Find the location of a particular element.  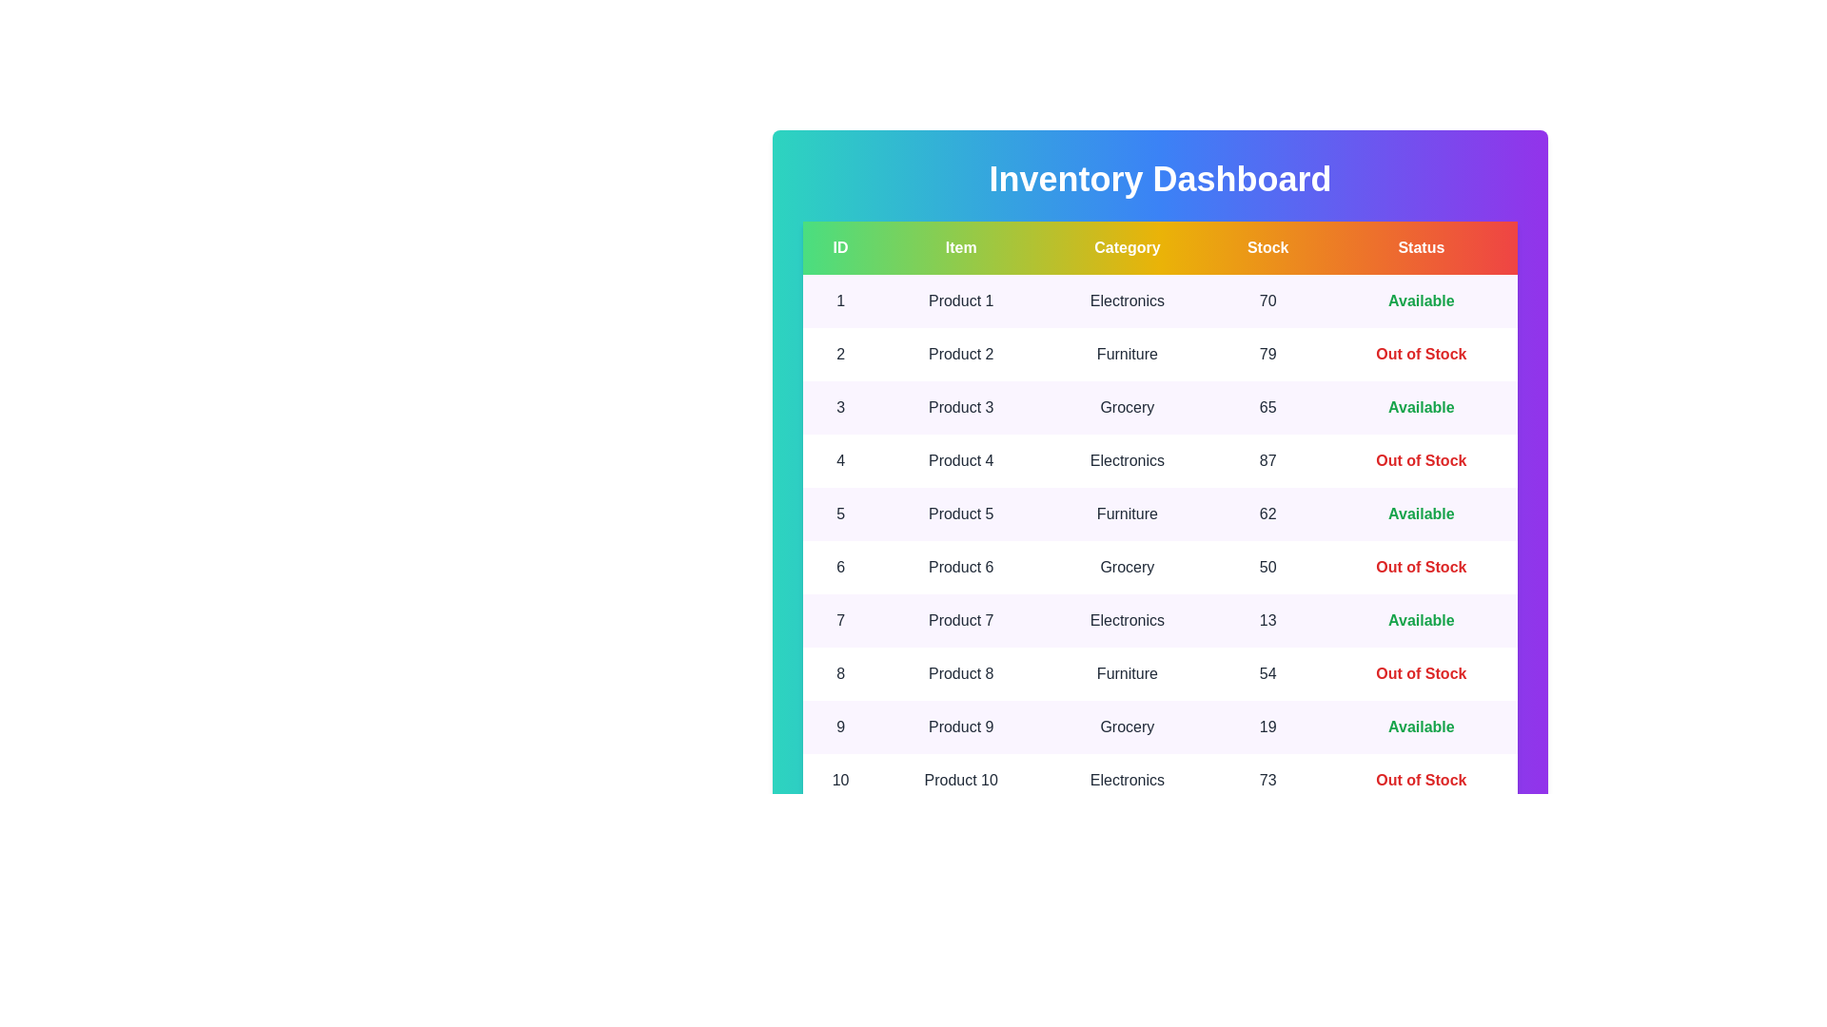

the table header Stock to sort the table by that column is located at coordinates (1267, 247).